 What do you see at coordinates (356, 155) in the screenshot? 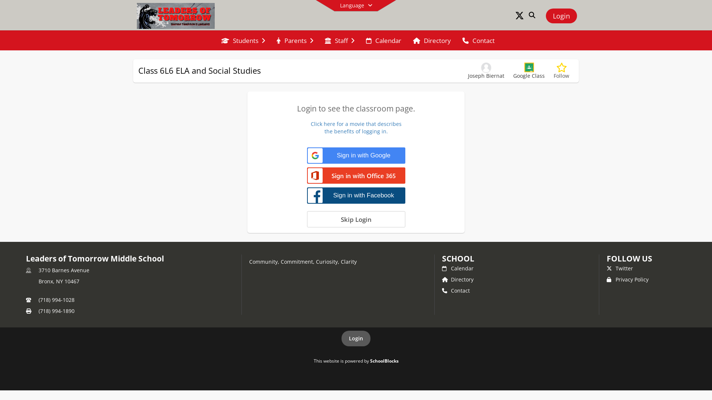
I see `'Sign in with Google'` at bounding box center [356, 155].